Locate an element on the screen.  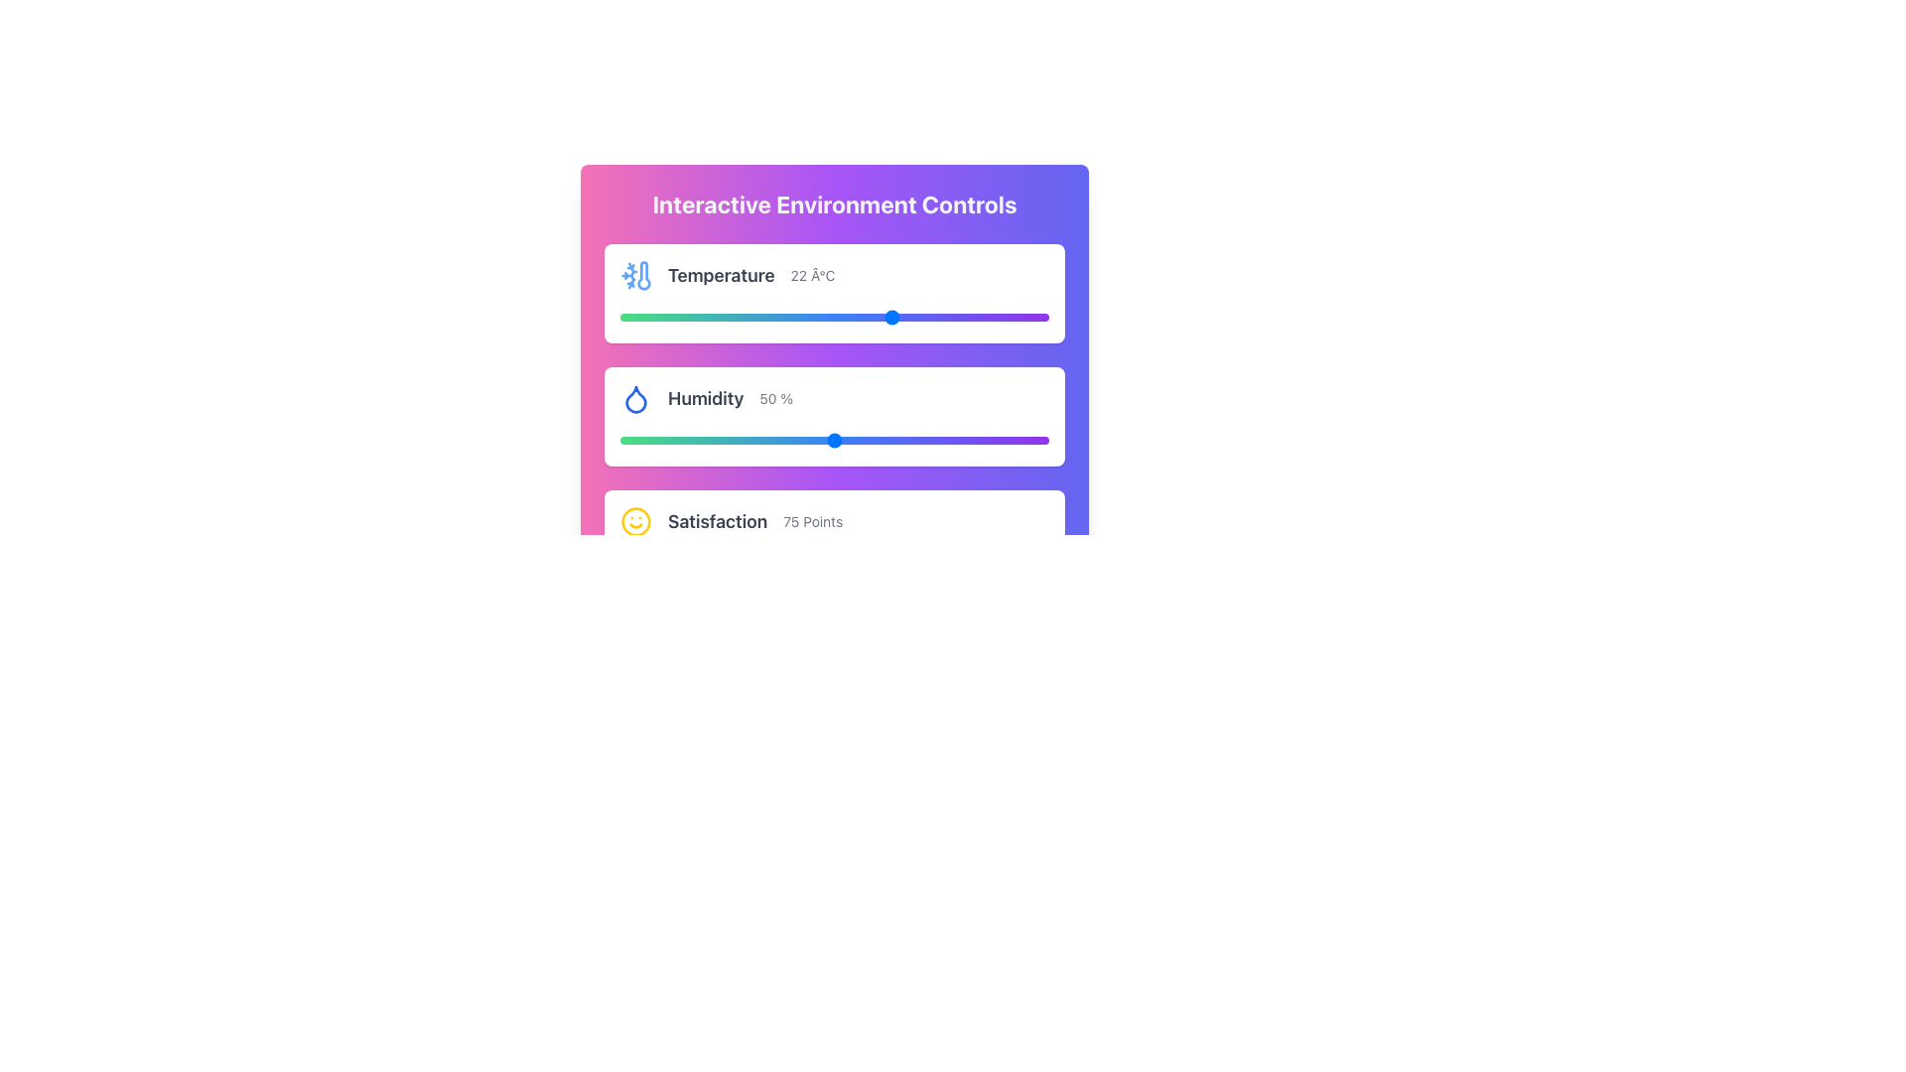
the blue water droplet outline icon located in the 'Humidity' section, next to the text 'Humidity 50%' is located at coordinates (636, 398).